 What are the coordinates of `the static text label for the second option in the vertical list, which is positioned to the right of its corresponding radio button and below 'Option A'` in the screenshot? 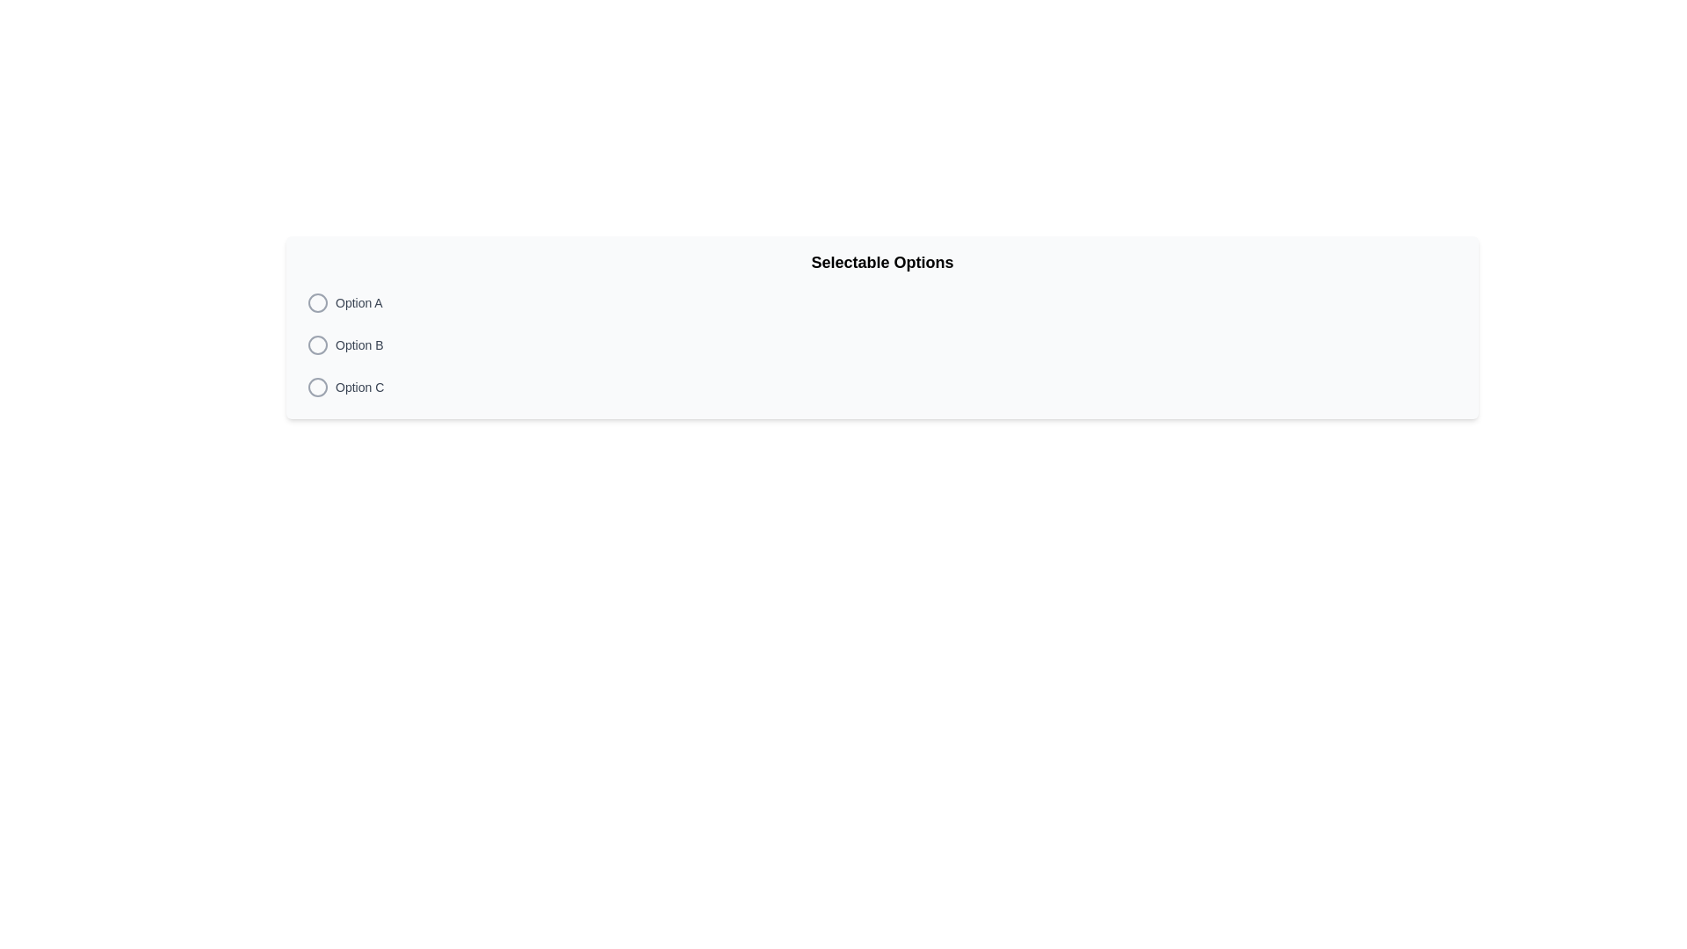 It's located at (358, 345).